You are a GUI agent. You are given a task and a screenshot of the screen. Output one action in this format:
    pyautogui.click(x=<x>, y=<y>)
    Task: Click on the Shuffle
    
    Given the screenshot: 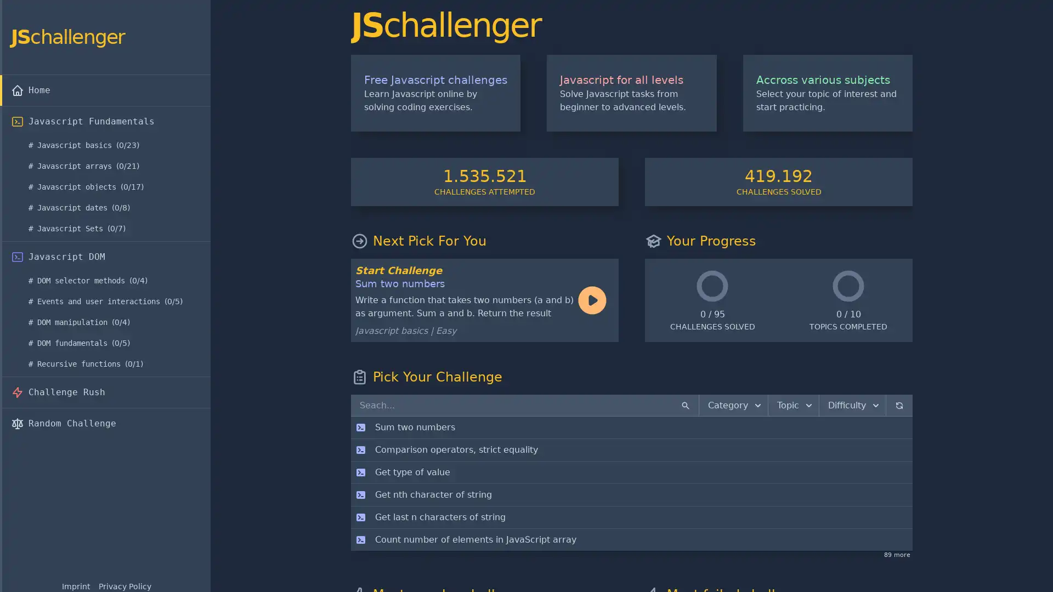 What is the action you would take?
    pyautogui.click(x=899, y=405)
    